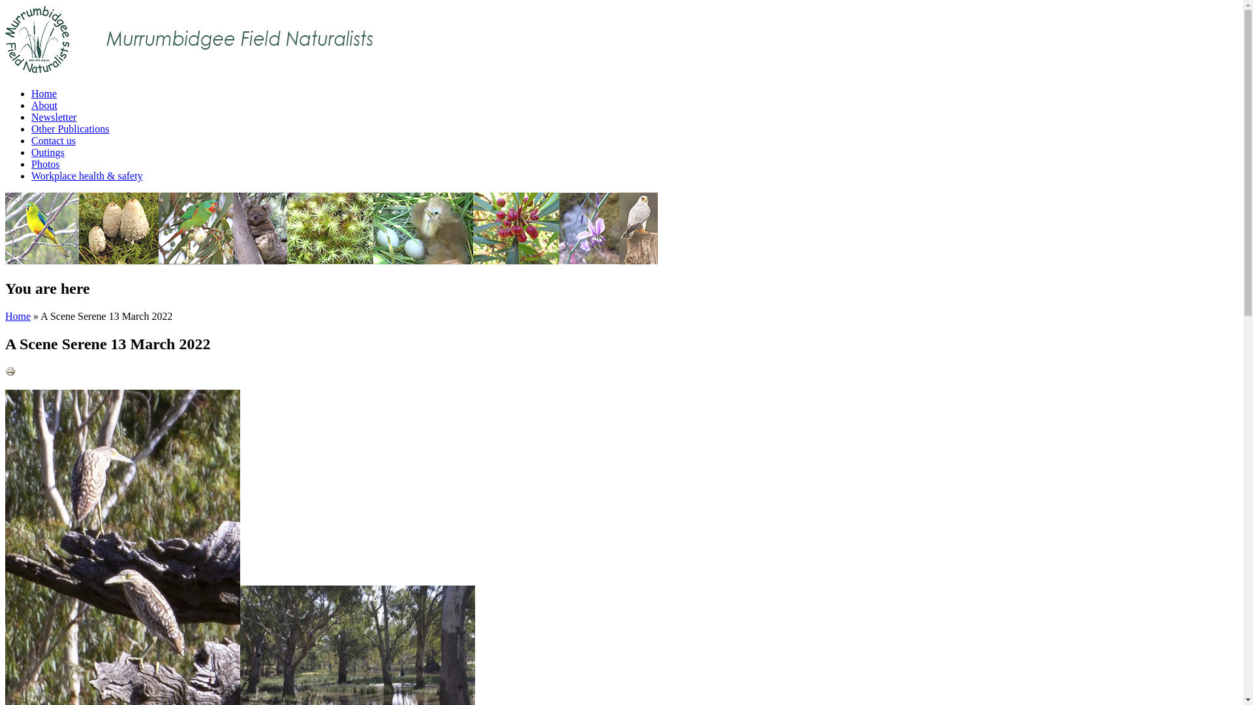  I want to click on 'Home', so click(18, 316).